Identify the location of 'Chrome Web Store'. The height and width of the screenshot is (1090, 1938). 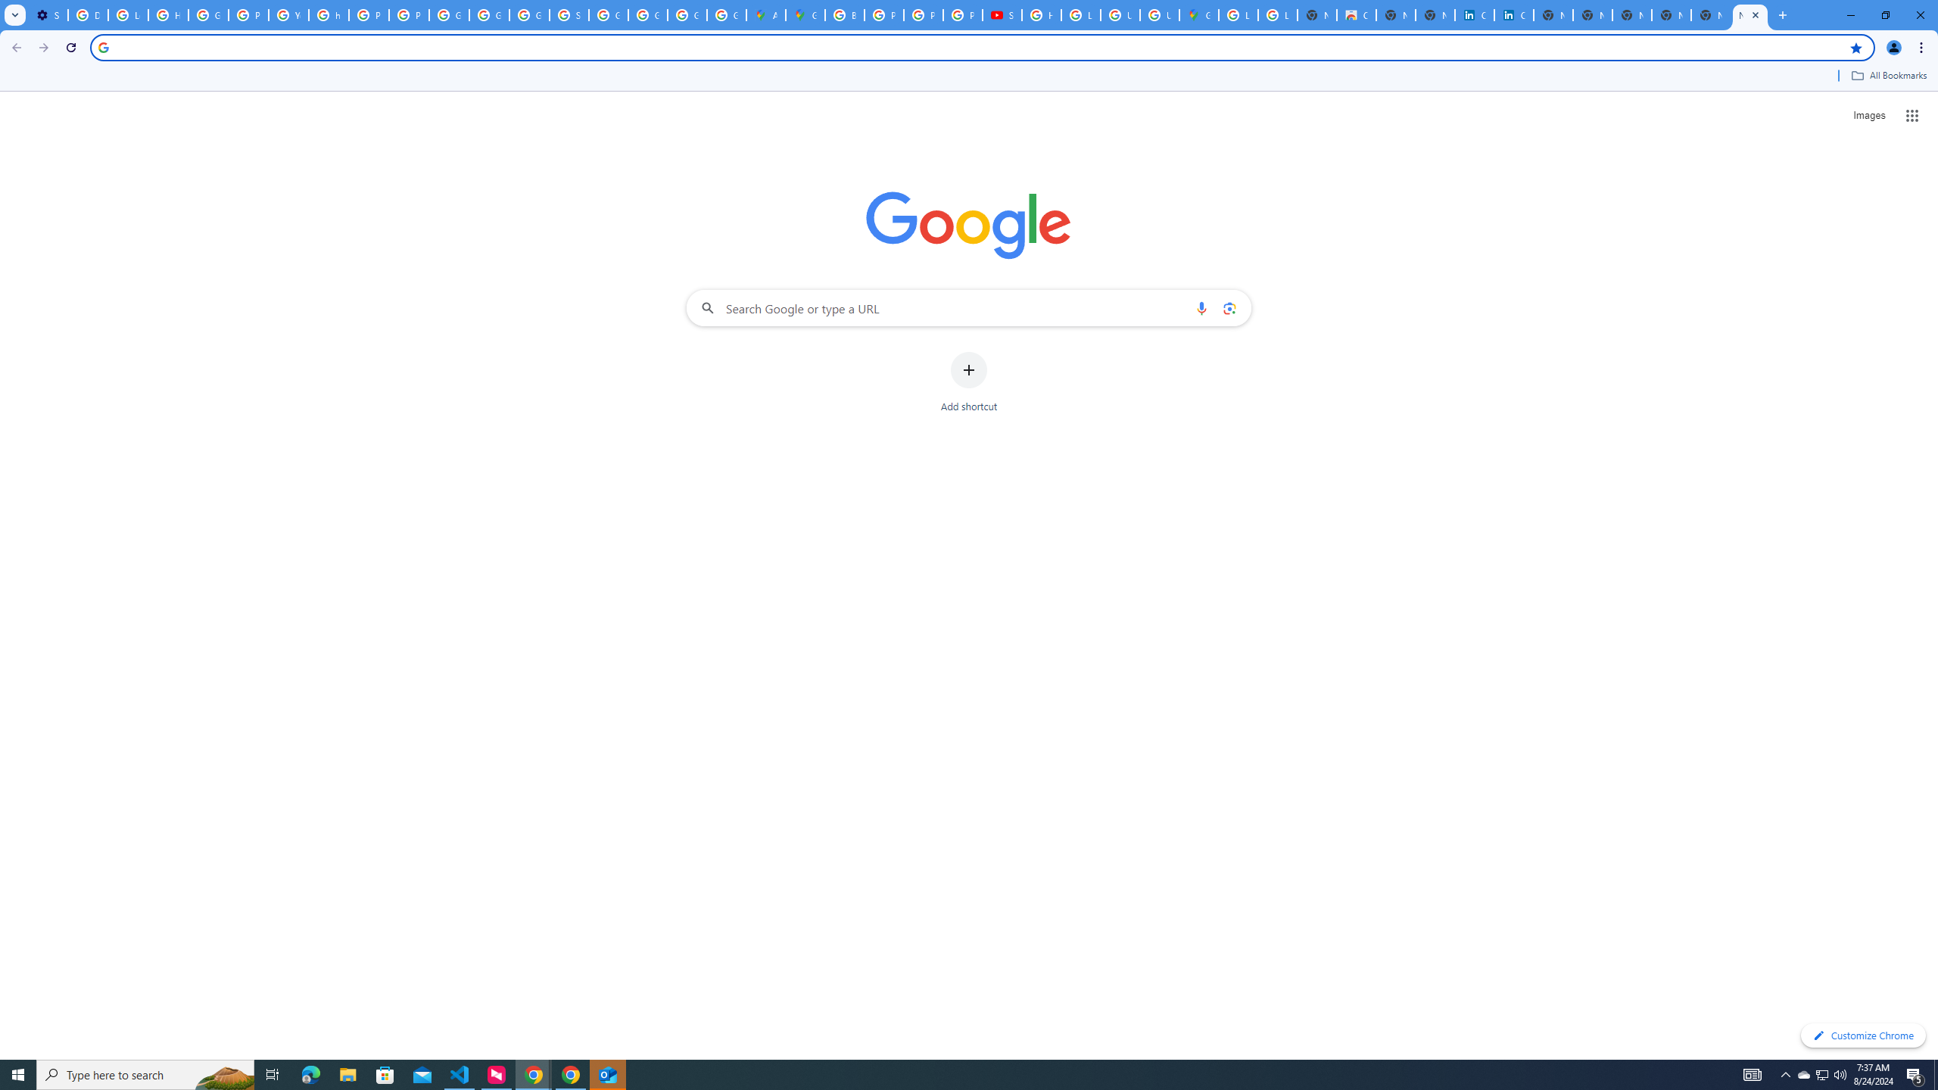
(1356, 14).